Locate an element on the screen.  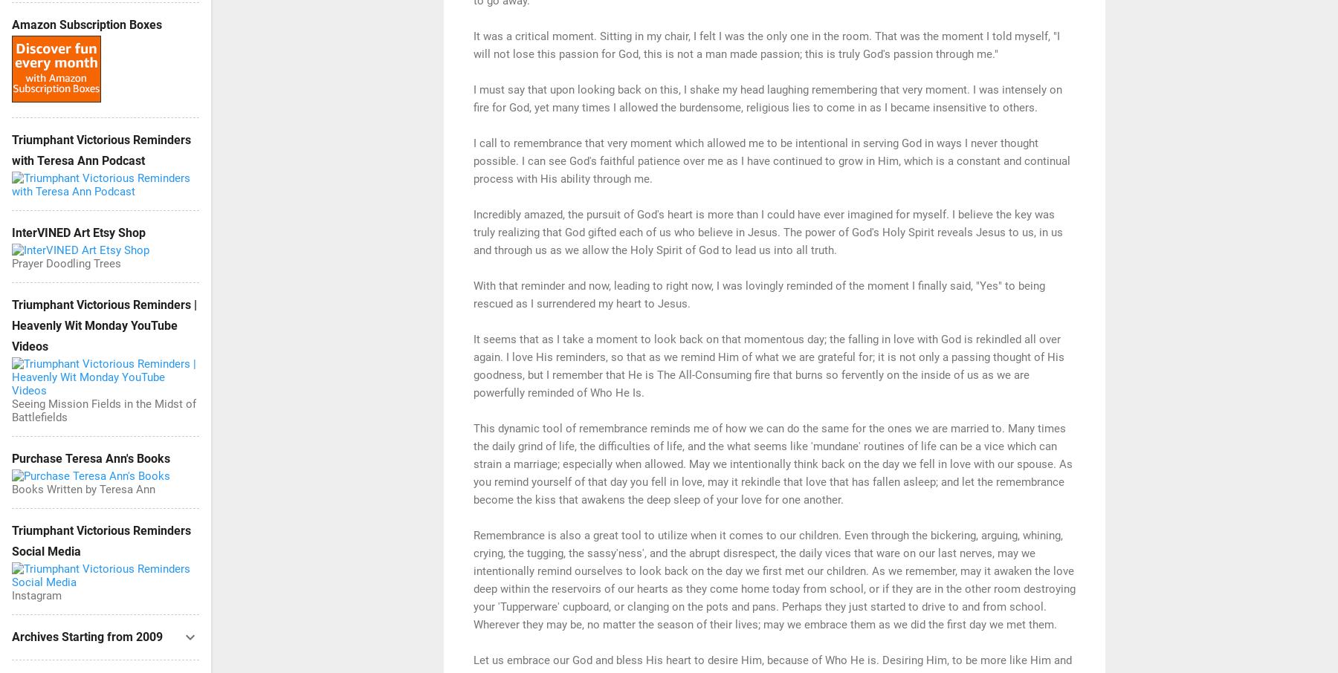
'Remembrance is also a great tool to utilize when it comes to our children.  Even through the bickering, arguing, whining, crying, the tugging, the sassy'ness', and the abrupt disrespect, the daily vices that ware on our last nerves, may we intentionally remind ourselves to look back on the day we first met our children.  As we remember, may it awaken the love deep within the reservoirs of our hearts as they come home today from school, or if they are in the other room destroying your 'Tupperware' cupboard, or clanging on the pots and pans. Perhaps they just started to drive to and from school. Wherever they may be, no matter the season of their lives; may we embrace them as we did the first day we met them.' is located at coordinates (775, 579).